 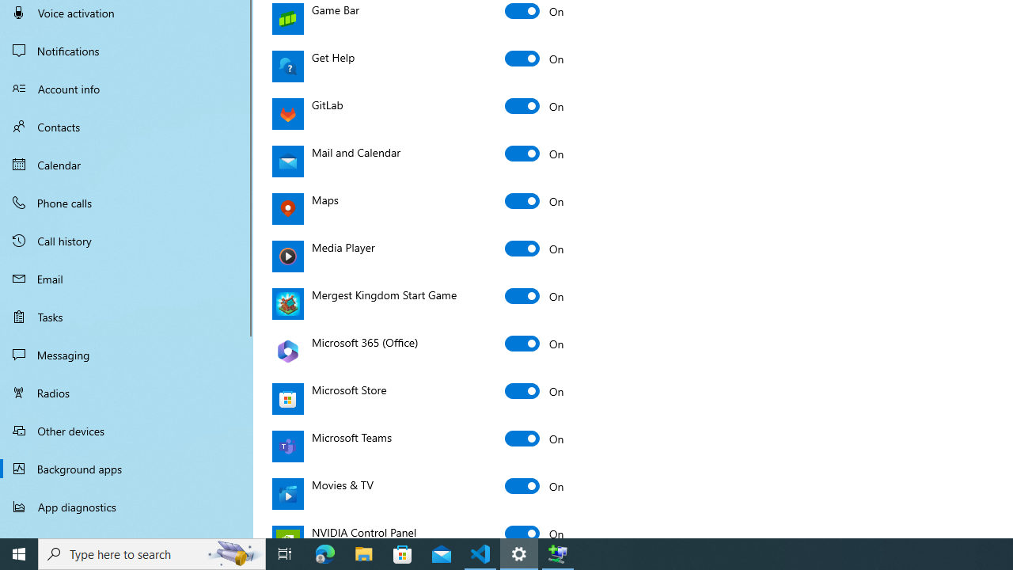 I want to click on 'Task View', so click(x=284, y=553).